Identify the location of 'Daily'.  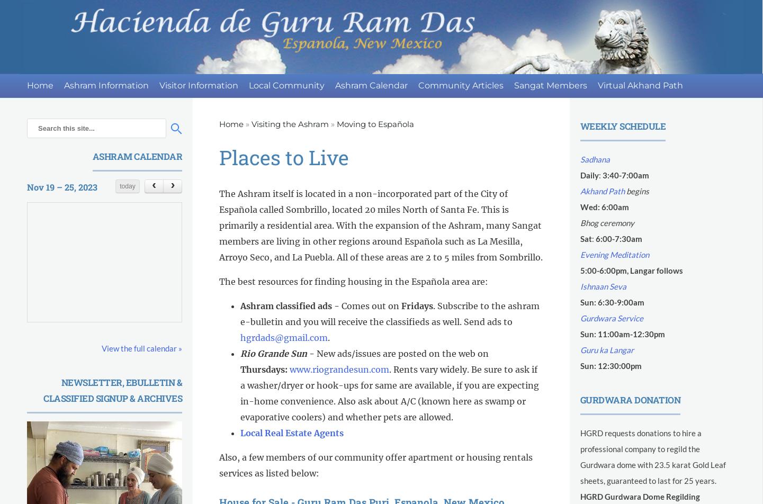
(588, 175).